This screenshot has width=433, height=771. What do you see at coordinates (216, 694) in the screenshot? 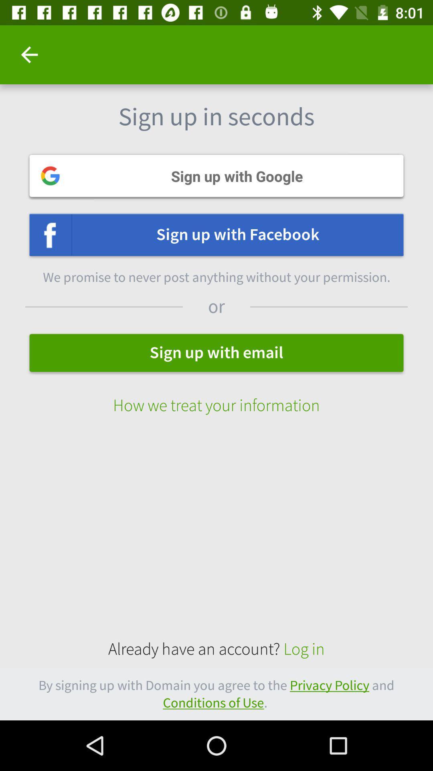
I see `the item below the already have an item` at bounding box center [216, 694].